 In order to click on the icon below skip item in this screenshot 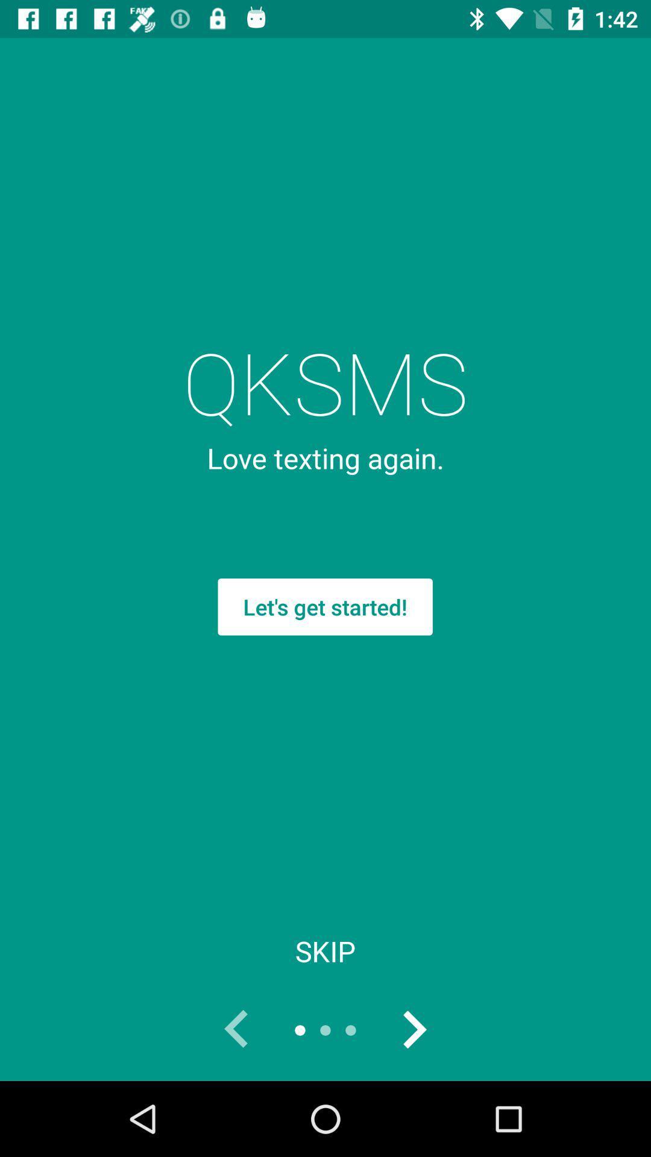, I will do `click(413, 1029)`.